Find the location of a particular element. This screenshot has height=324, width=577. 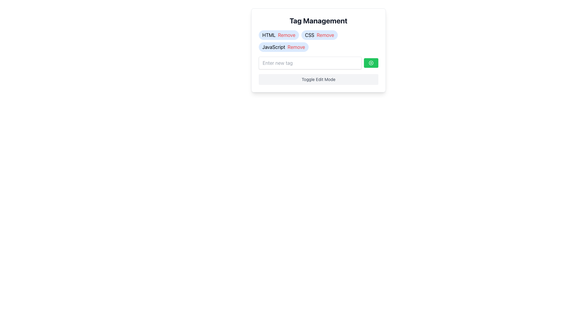

the pill-shaped tag labeled 'JavaScript' with a light blue background, located in the tag group under 'Tag Management' is located at coordinates (283, 47).